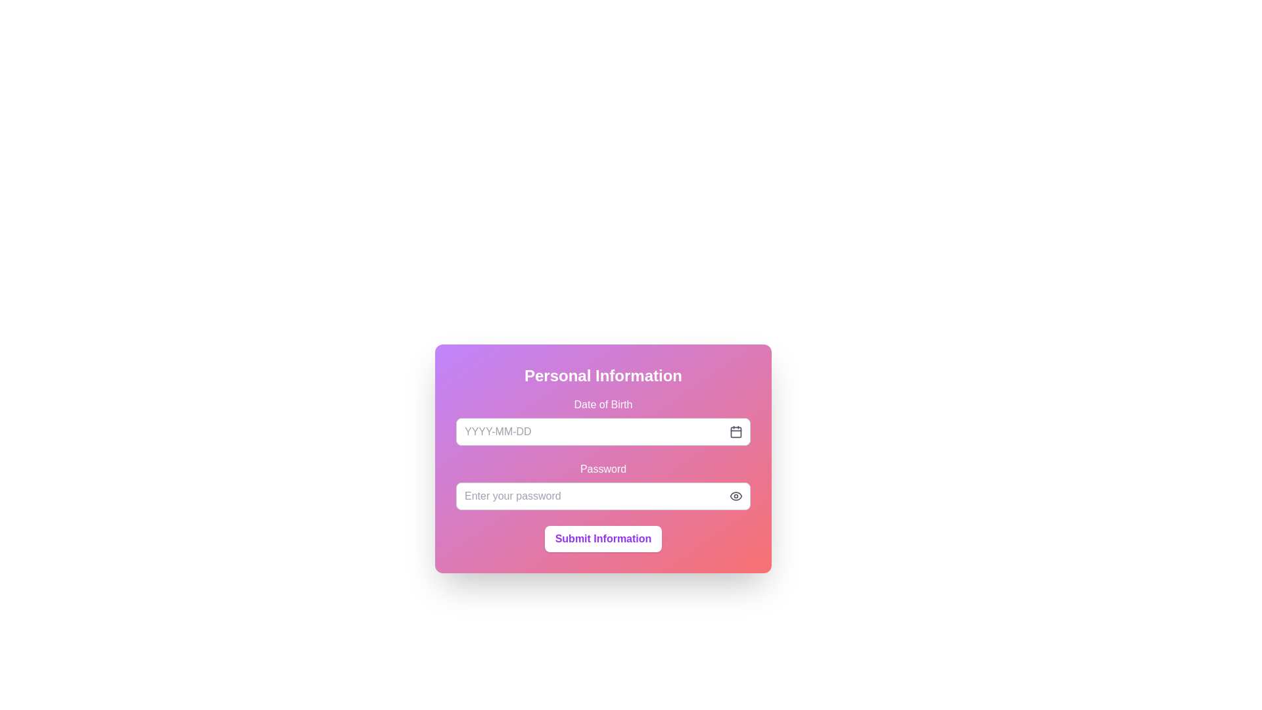 This screenshot has width=1262, height=710. What do you see at coordinates (735, 431) in the screenshot?
I see `the calendar icon button located inside the 'Date of Birth' input field` at bounding box center [735, 431].